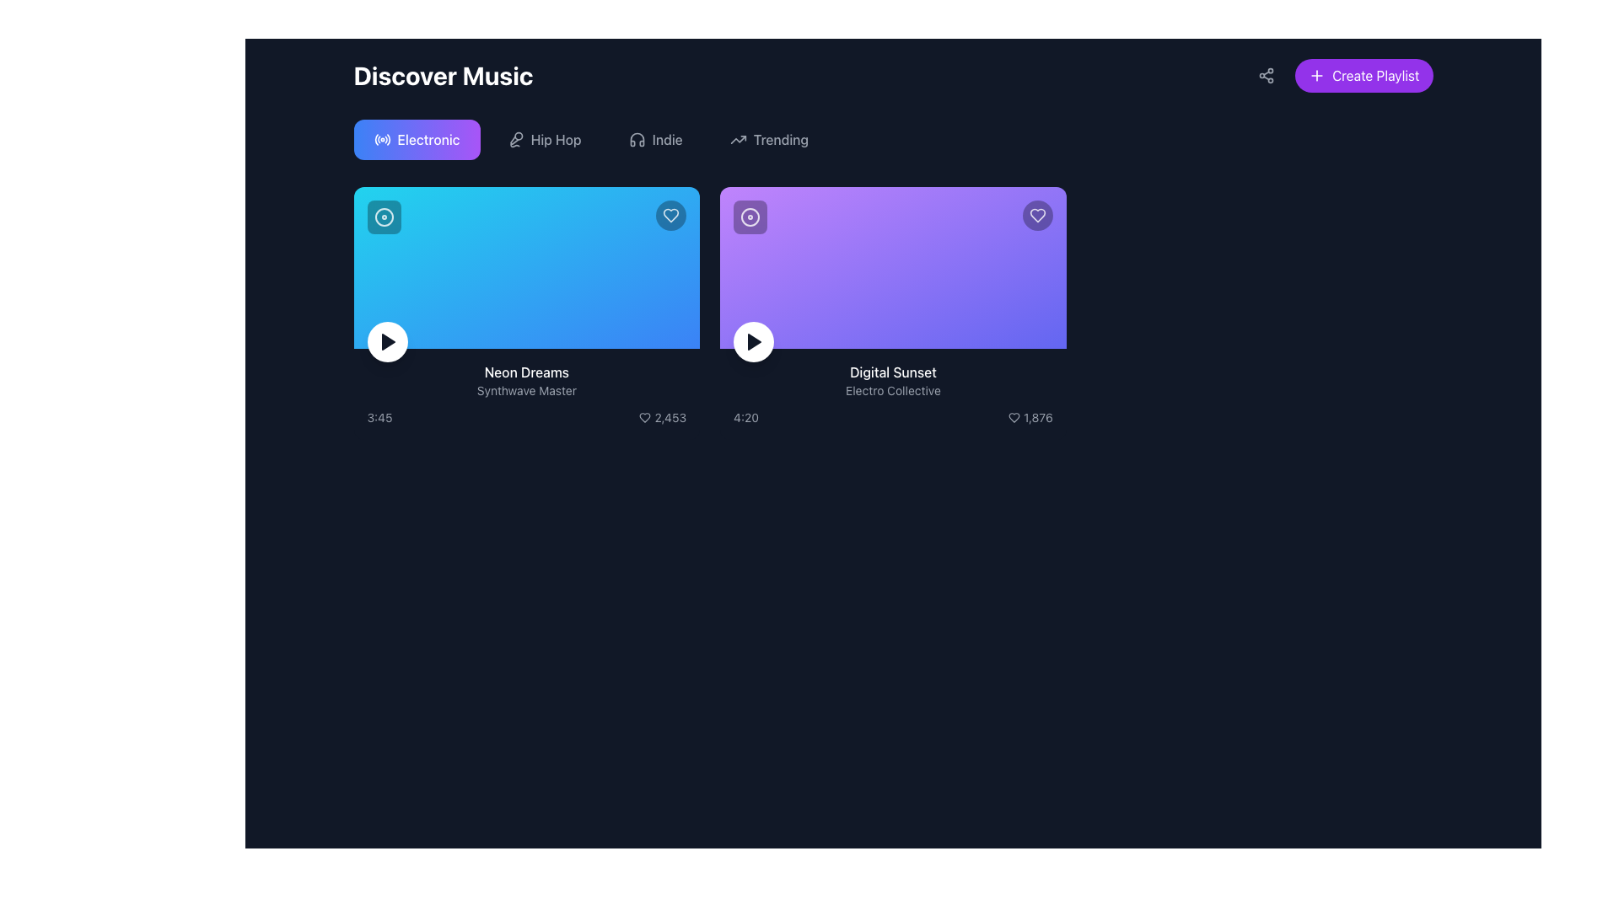 The width and height of the screenshot is (1619, 910). What do you see at coordinates (892, 390) in the screenshot?
I see `the text label displaying 'Electro Collective' for accessibility purposes, located beneath the title 'Digital Sunset' in the card area` at bounding box center [892, 390].